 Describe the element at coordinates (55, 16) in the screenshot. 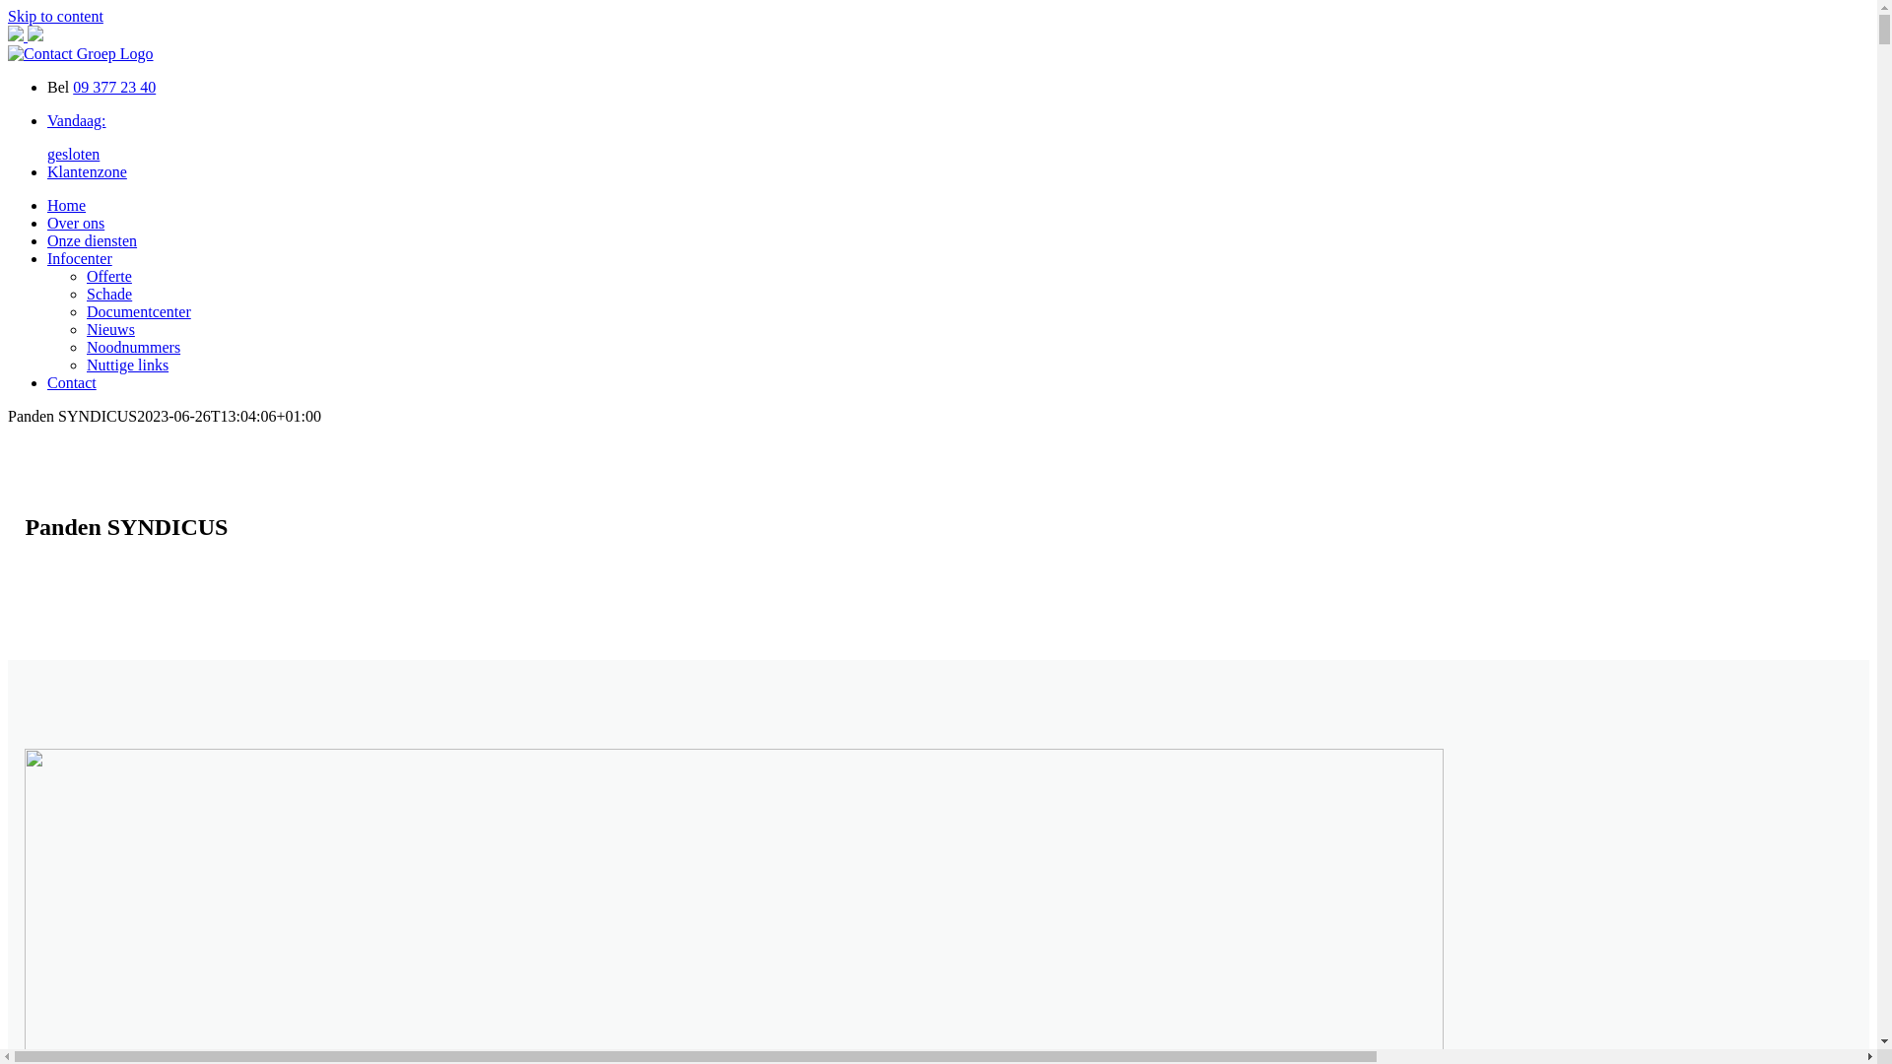

I see `'Skip to content'` at that location.